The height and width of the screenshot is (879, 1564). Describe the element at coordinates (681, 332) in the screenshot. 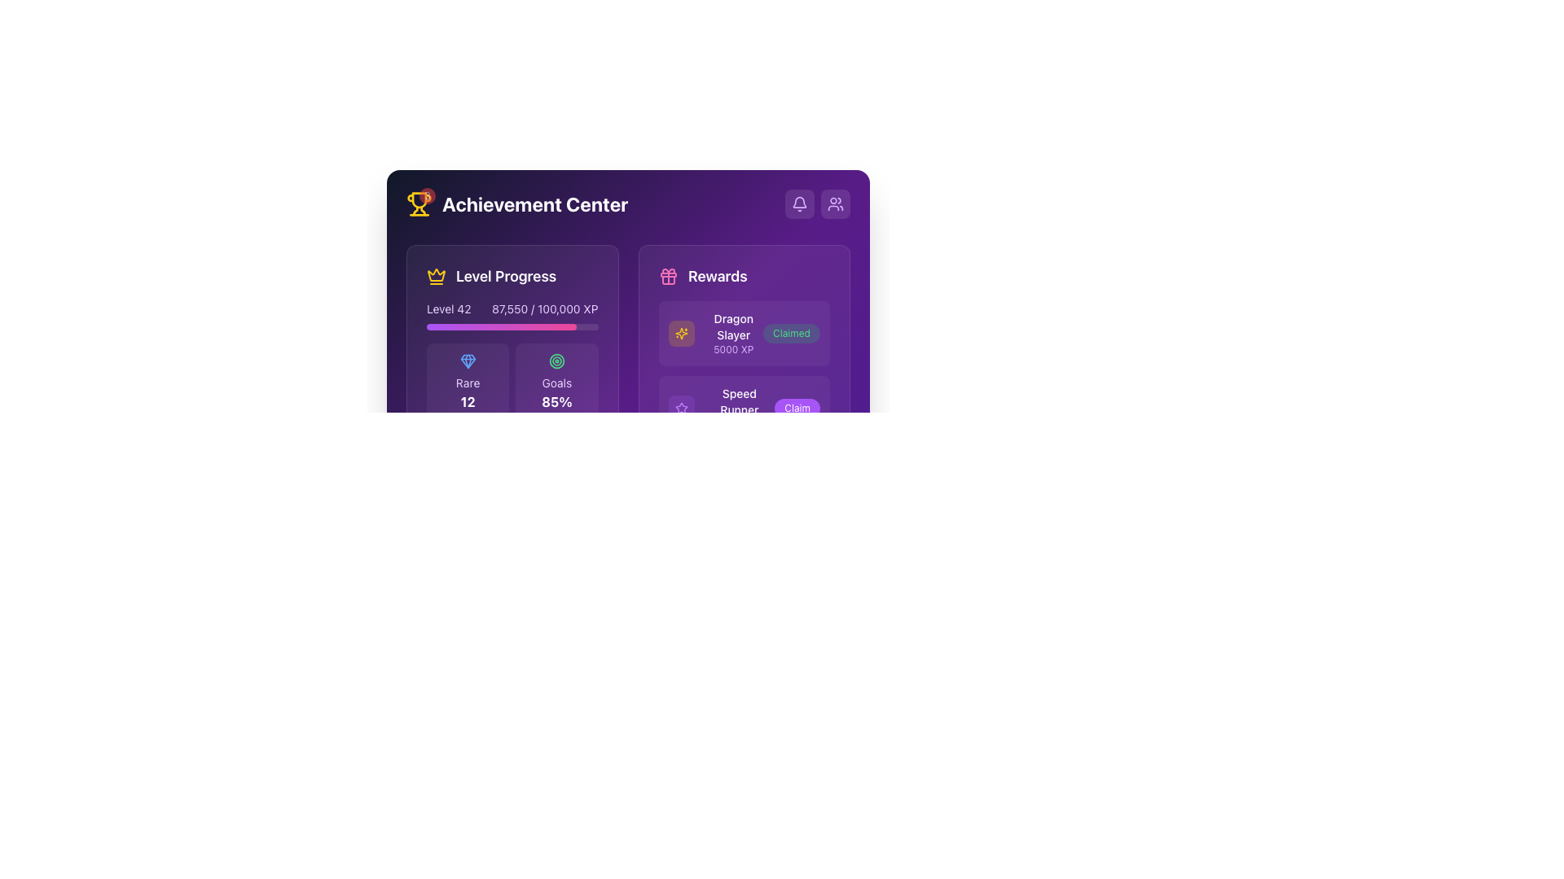

I see `the rounded yellow-tinted decorative widget with a star-like icon located in the rewards section, which is the first item to the left of the 'Dragon Slayer' text` at that location.